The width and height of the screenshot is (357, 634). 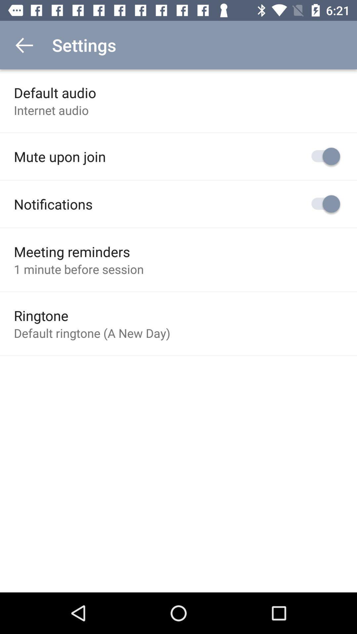 What do you see at coordinates (72, 251) in the screenshot?
I see `meeting reminders icon` at bounding box center [72, 251].